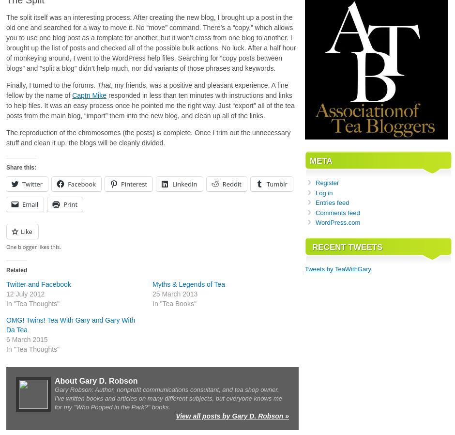 The width and height of the screenshot is (455, 435). I want to click on 'Print', so click(63, 204).